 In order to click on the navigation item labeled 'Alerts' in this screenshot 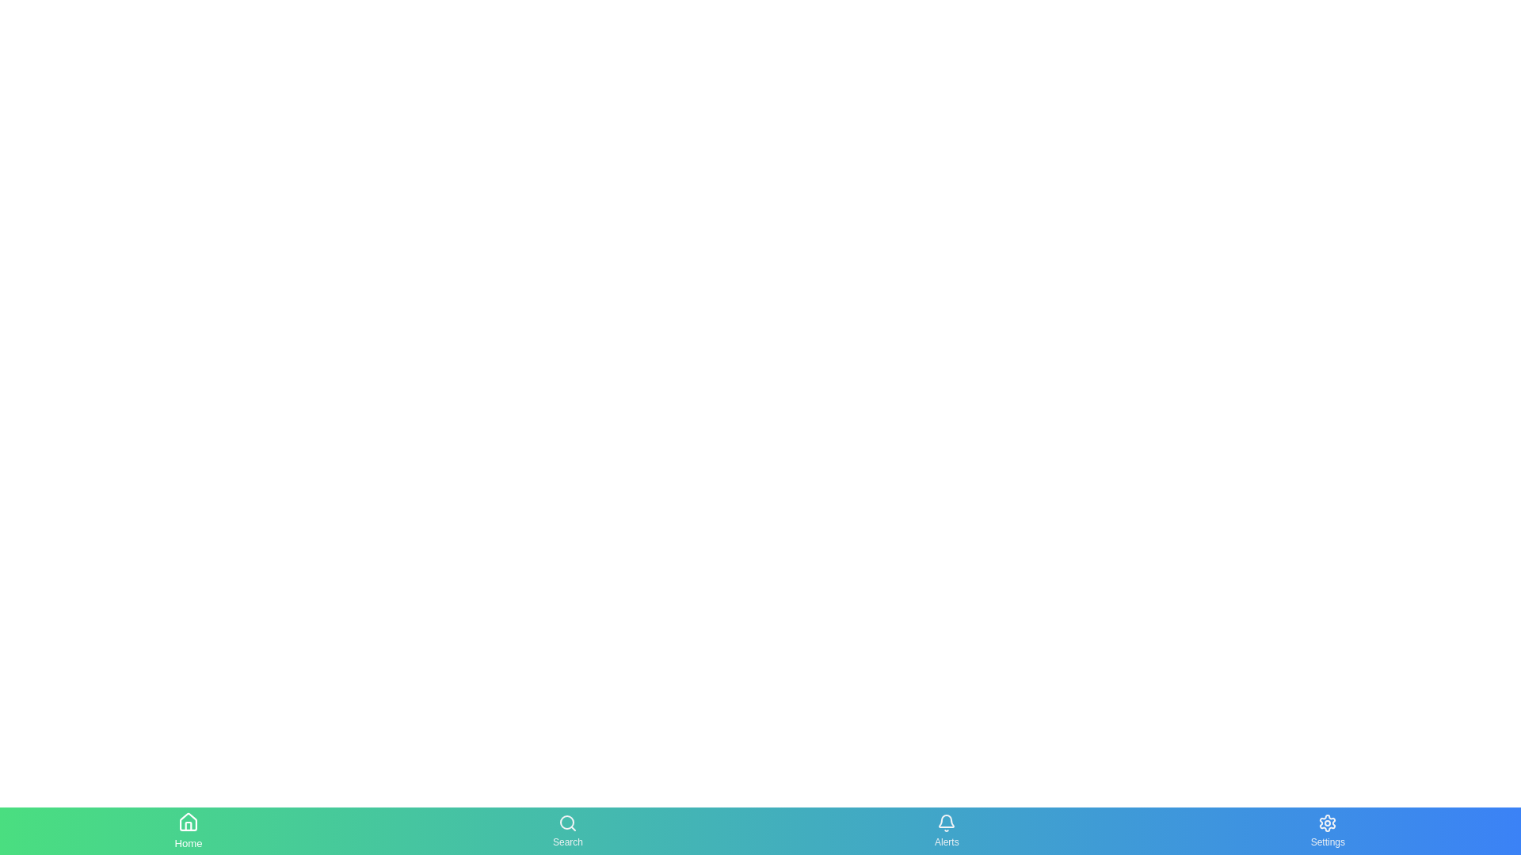, I will do `click(947, 830)`.